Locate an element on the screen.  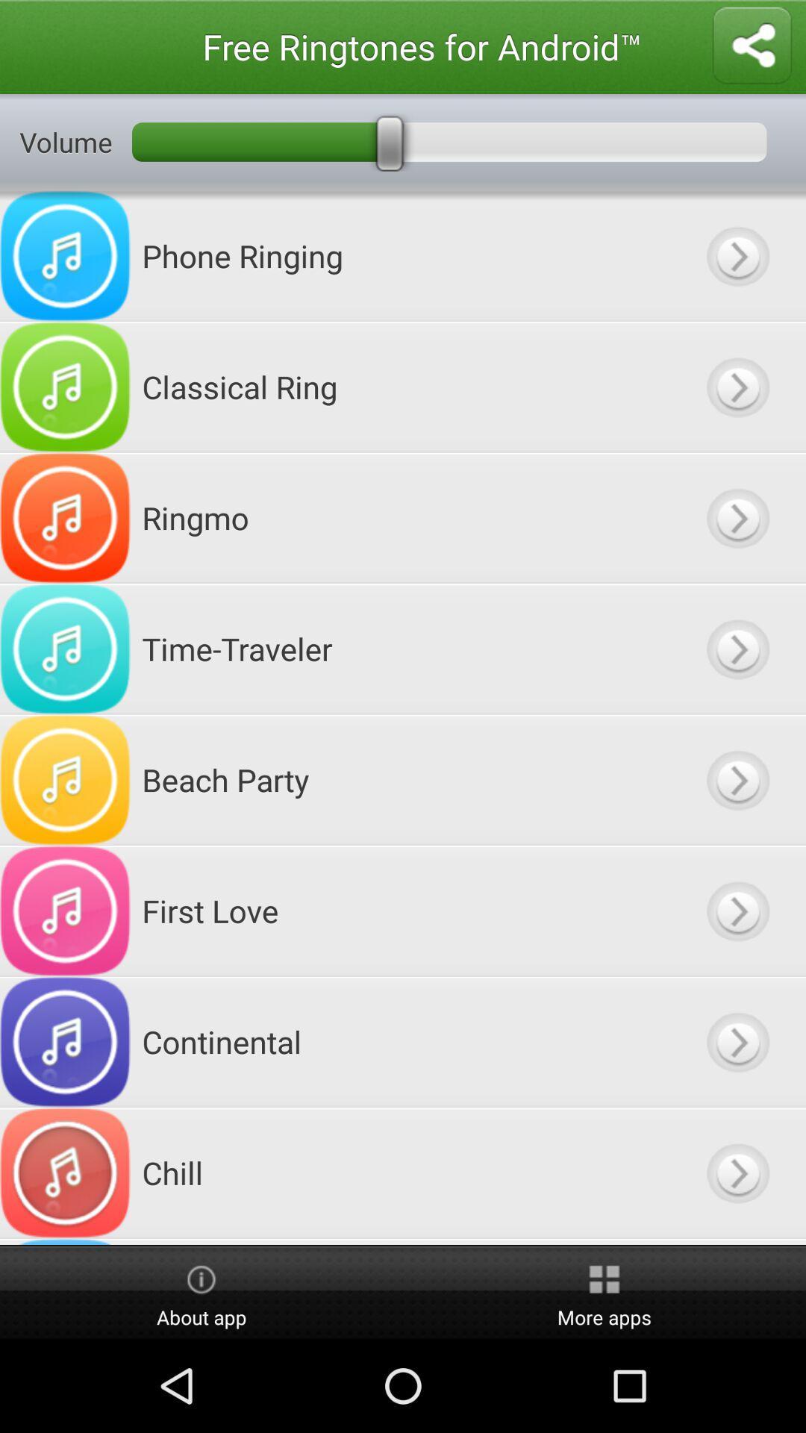
the ringtone is located at coordinates (737, 910).